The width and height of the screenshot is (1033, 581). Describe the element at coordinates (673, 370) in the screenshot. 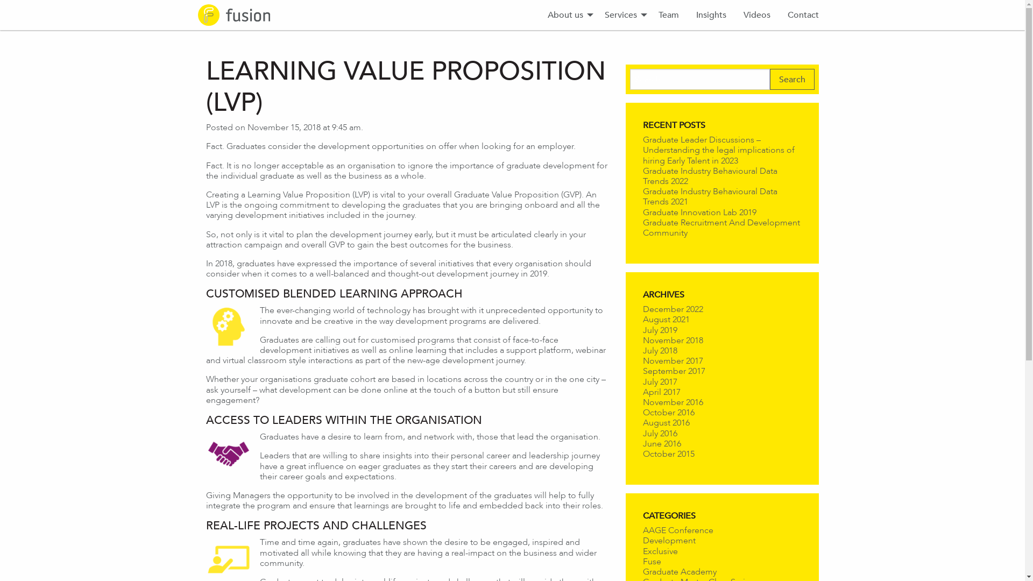

I see `'September 2017'` at that location.